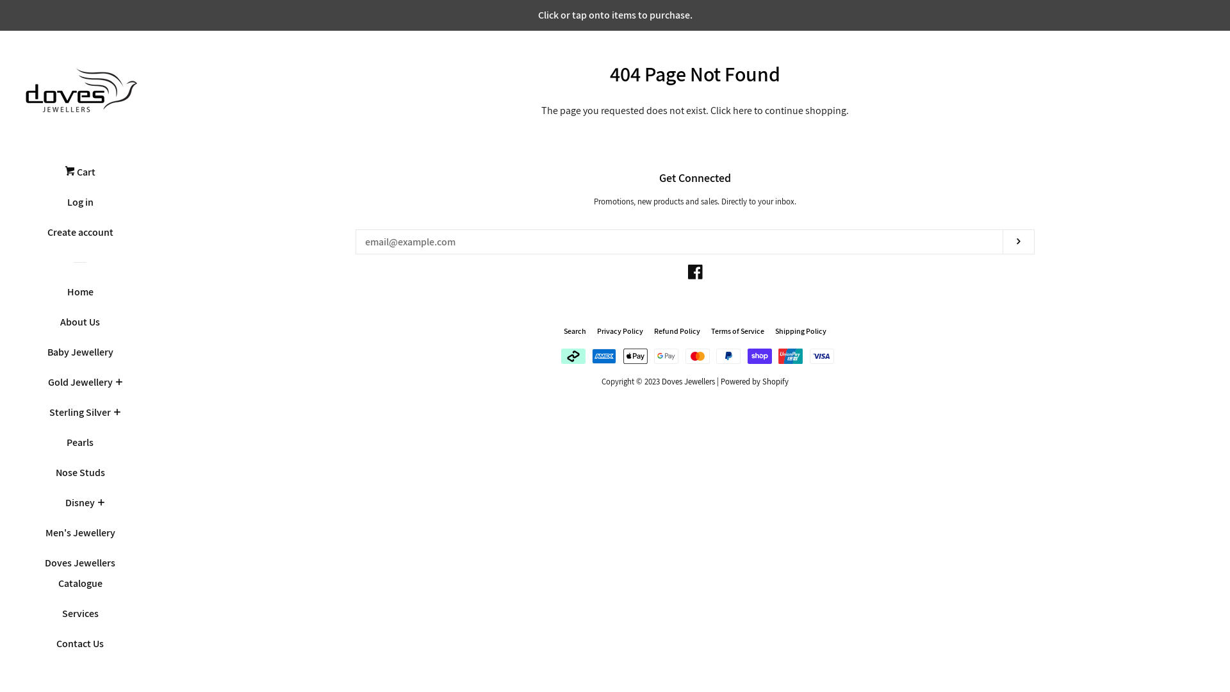 The width and height of the screenshot is (1230, 692). What do you see at coordinates (79, 578) in the screenshot?
I see `'Doves Jewellers Catalogue'` at bounding box center [79, 578].